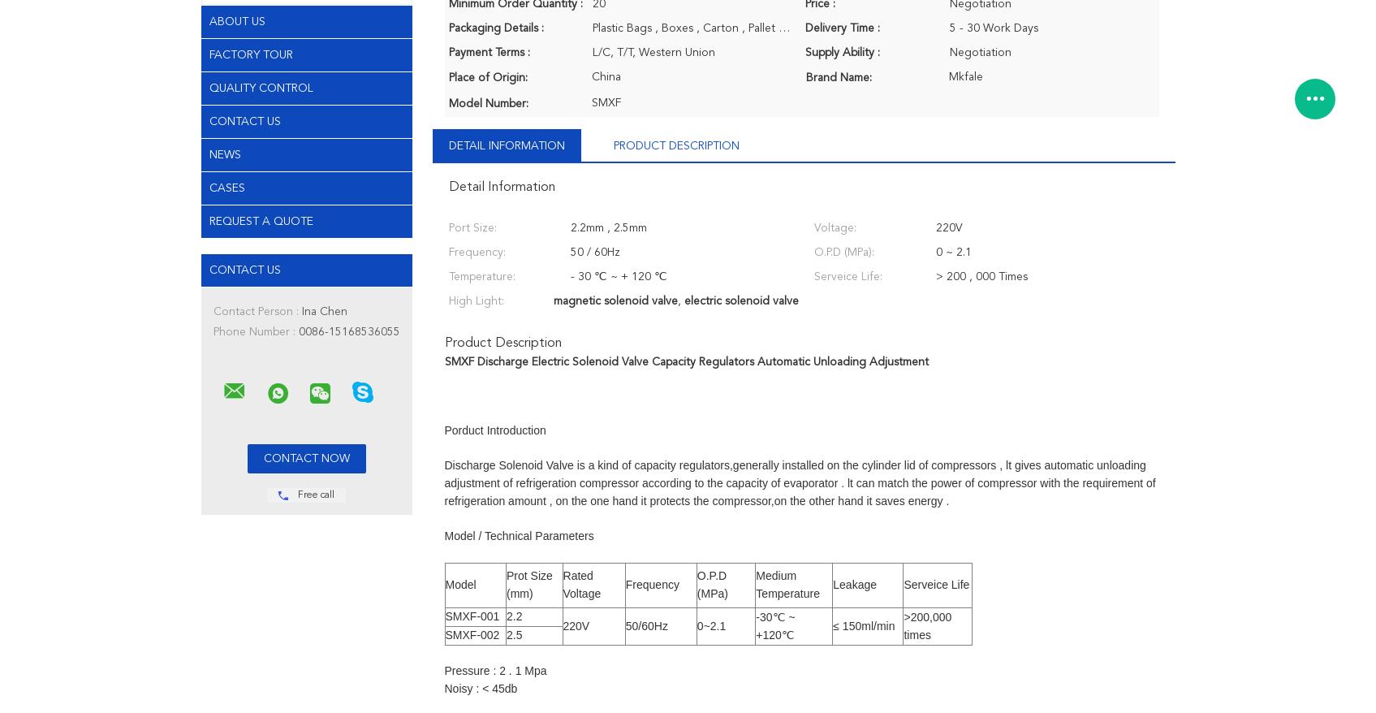 This screenshot has width=1376, height=713. What do you see at coordinates (486, 76) in the screenshot?
I see `'Place of Origin:'` at bounding box center [486, 76].